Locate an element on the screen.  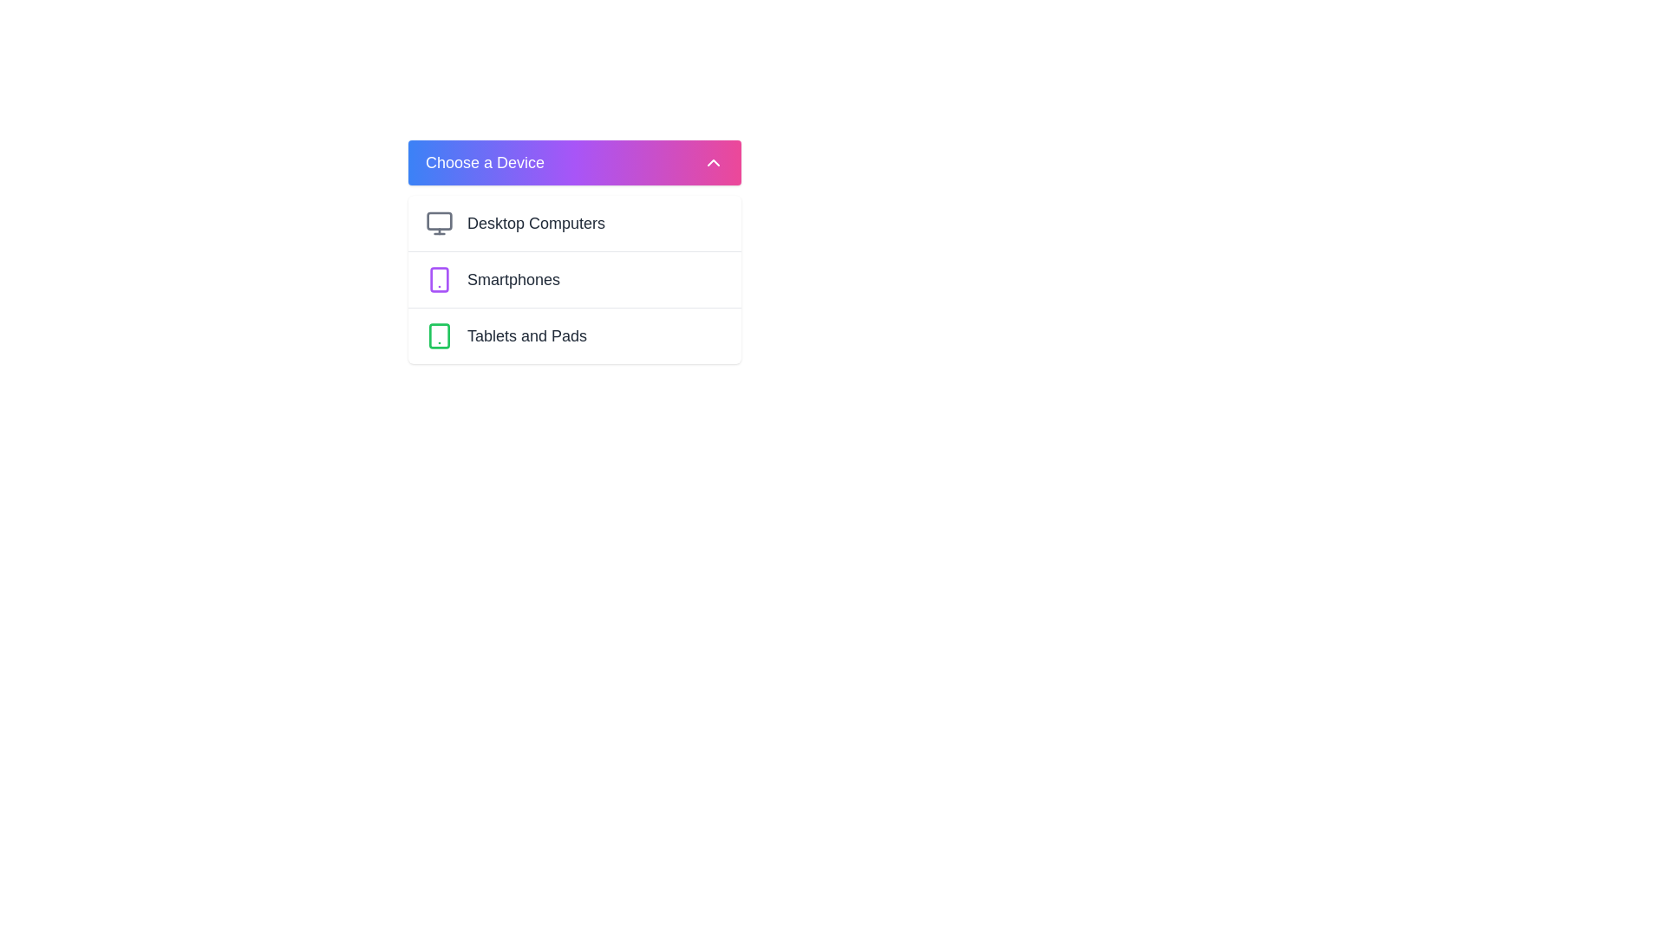
the chevron icon button located on the right side of the 'Choose a Device' header bar is located at coordinates (713, 163).